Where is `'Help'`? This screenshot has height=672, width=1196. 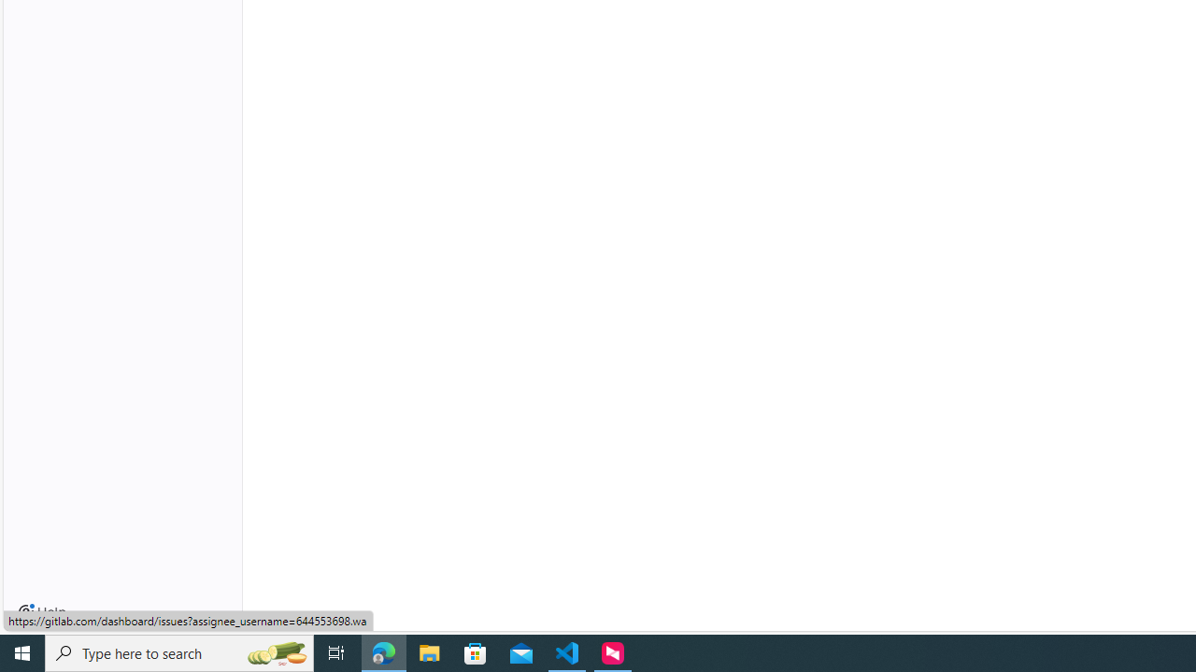
'Help' is located at coordinates (42, 611).